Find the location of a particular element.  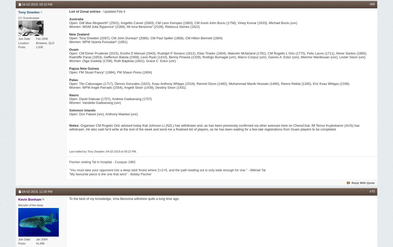

'Reply With Quote' is located at coordinates (363, 182).